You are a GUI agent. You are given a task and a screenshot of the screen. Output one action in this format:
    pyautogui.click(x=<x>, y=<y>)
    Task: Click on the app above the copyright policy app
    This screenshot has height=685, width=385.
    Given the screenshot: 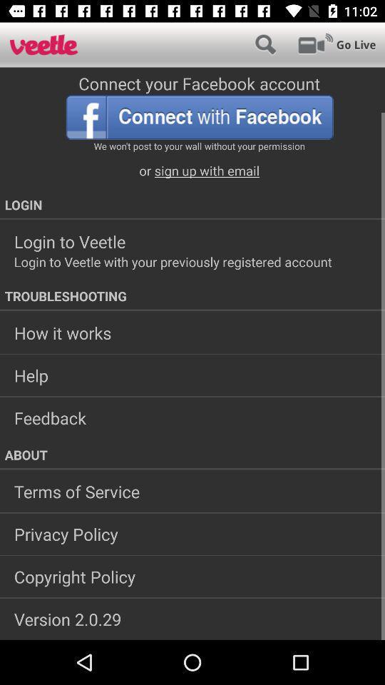 What is the action you would take?
    pyautogui.click(x=192, y=533)
    